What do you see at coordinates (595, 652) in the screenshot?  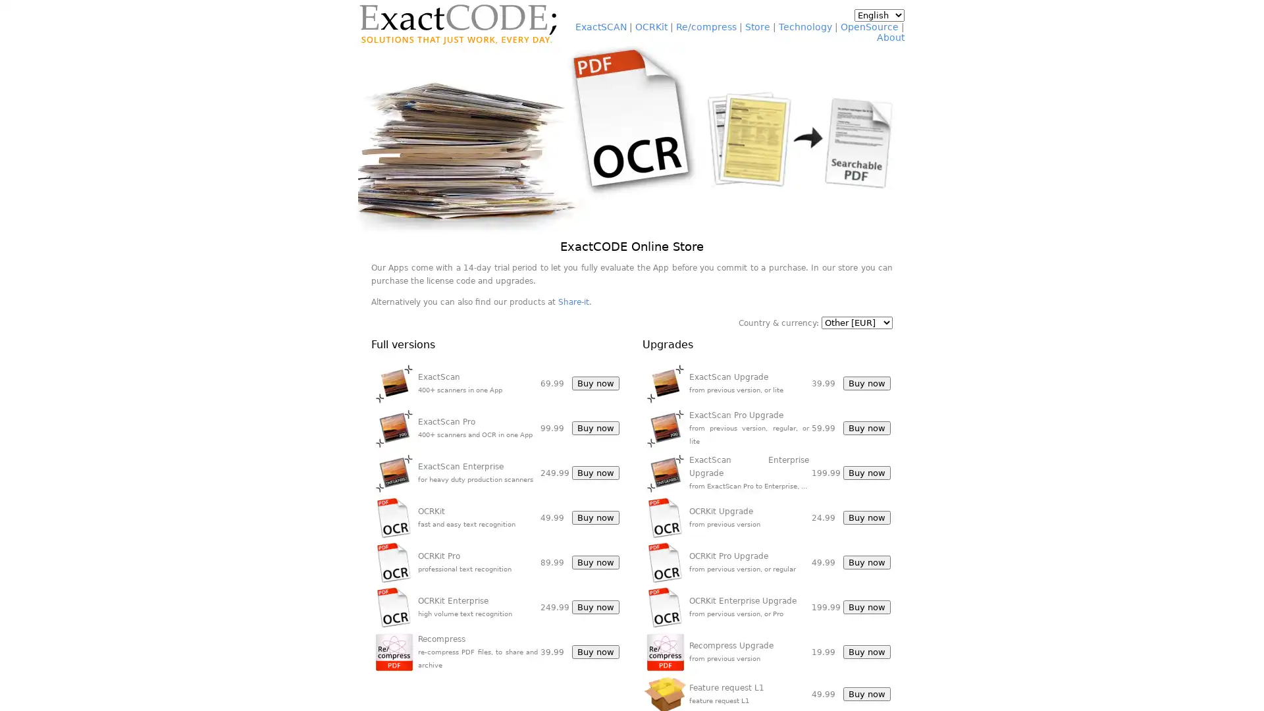 I see `Buy now` at bounding box center [595, 652].